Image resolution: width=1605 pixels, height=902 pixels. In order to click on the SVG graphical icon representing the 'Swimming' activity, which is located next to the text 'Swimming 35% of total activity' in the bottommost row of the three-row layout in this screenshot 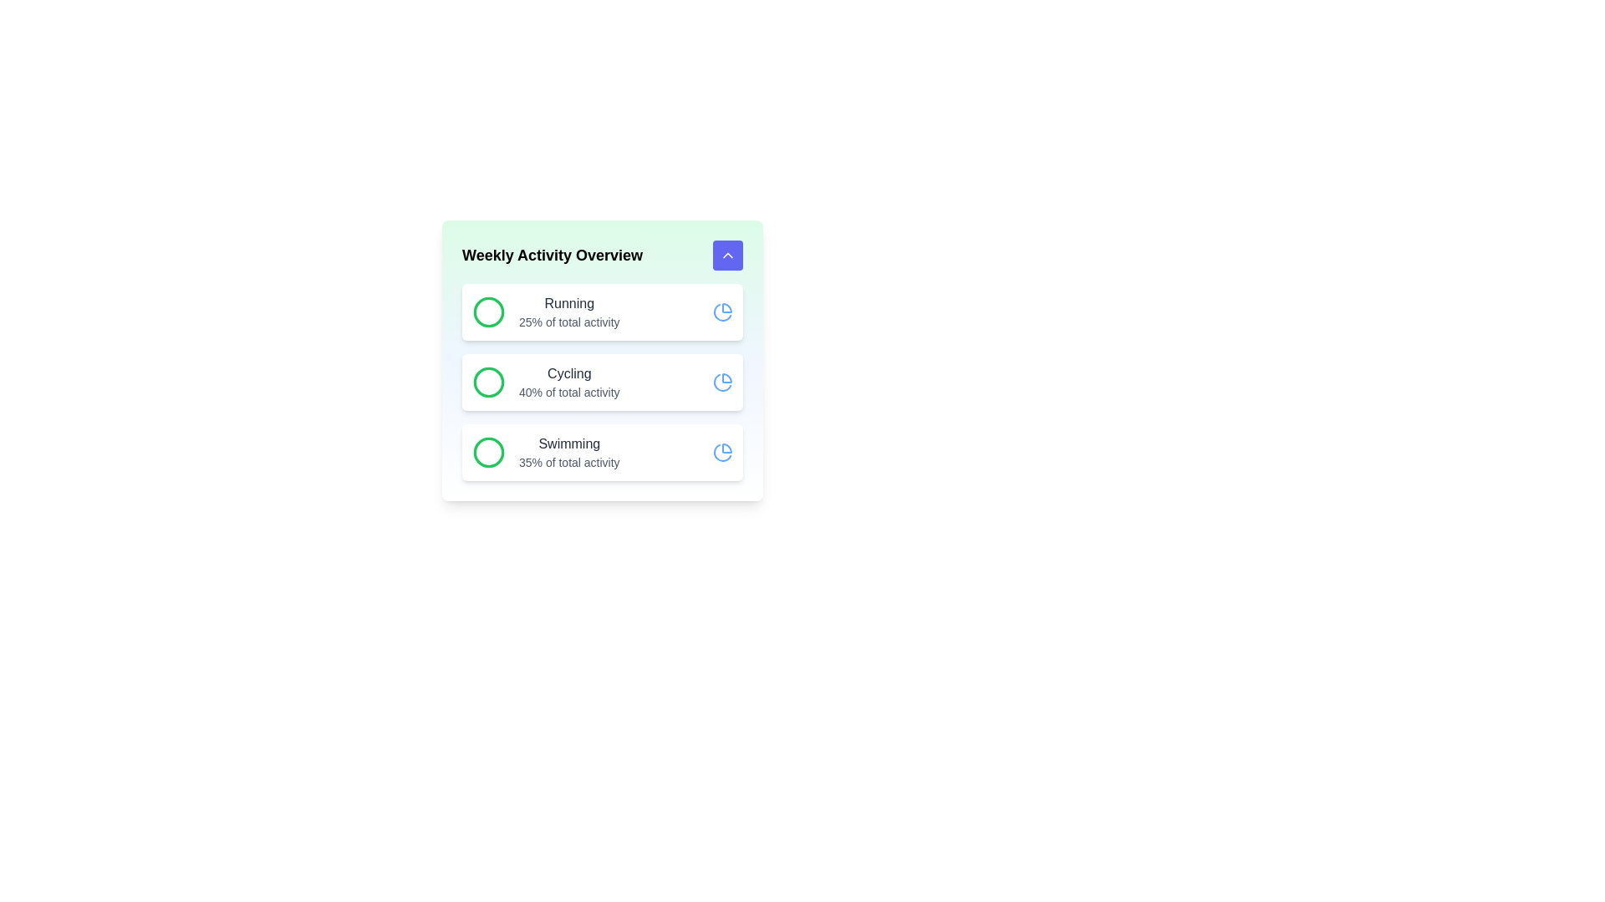, I will do `click(488, 453)`.